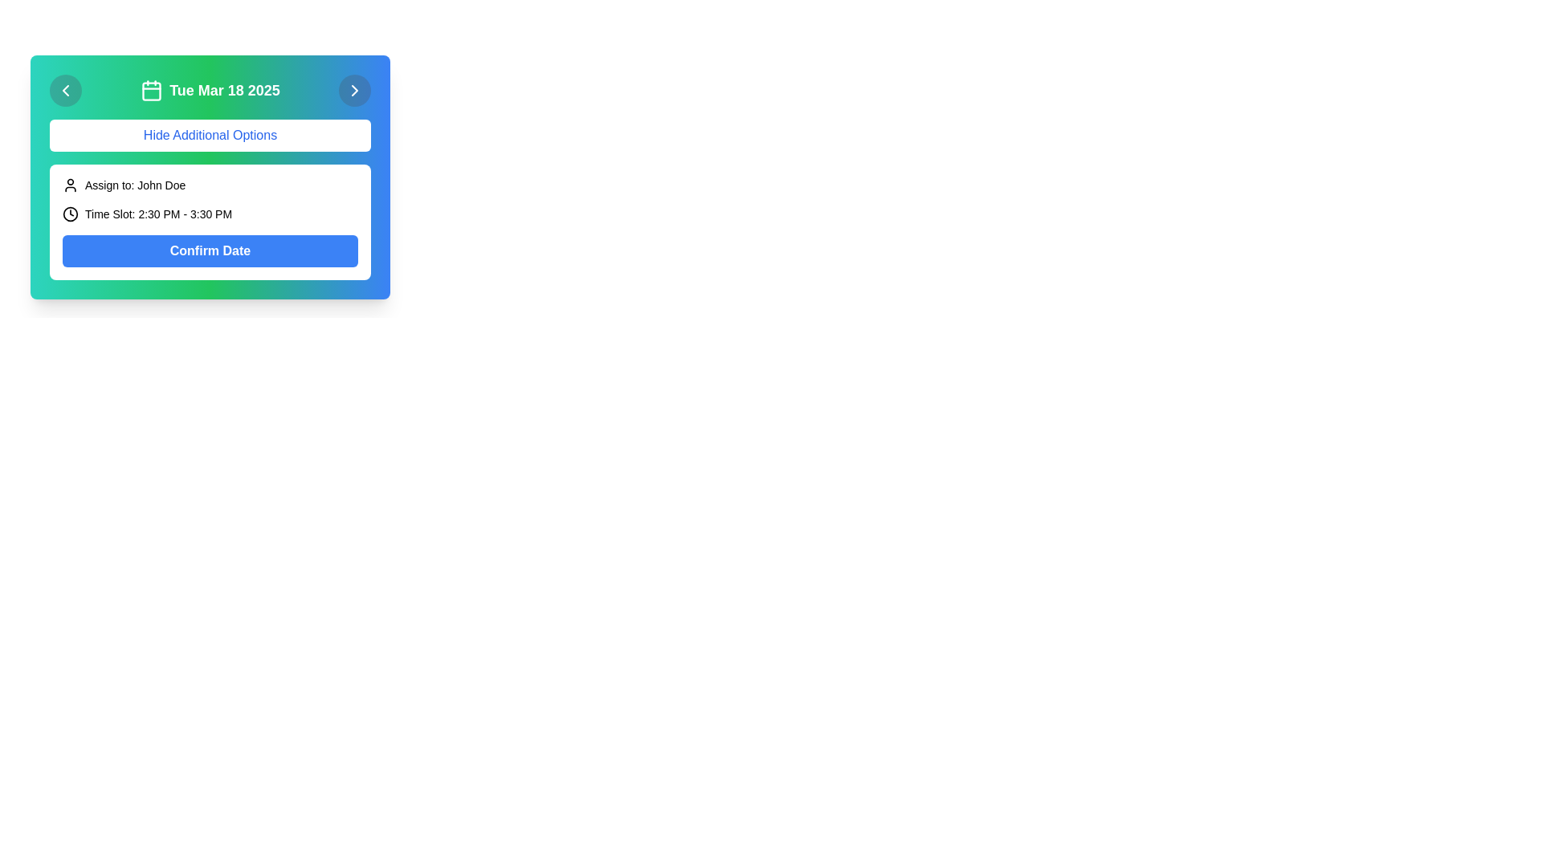 This screenshot has width=1542, height=867. What do you see at coordinates (353, 90) in the screenshot?
I see `the Button (Icon) located in the top-right corner of the visible card interface, adjacent to the date display header, which serves to navigate to the next item or view` at bounding box center [353, 90].